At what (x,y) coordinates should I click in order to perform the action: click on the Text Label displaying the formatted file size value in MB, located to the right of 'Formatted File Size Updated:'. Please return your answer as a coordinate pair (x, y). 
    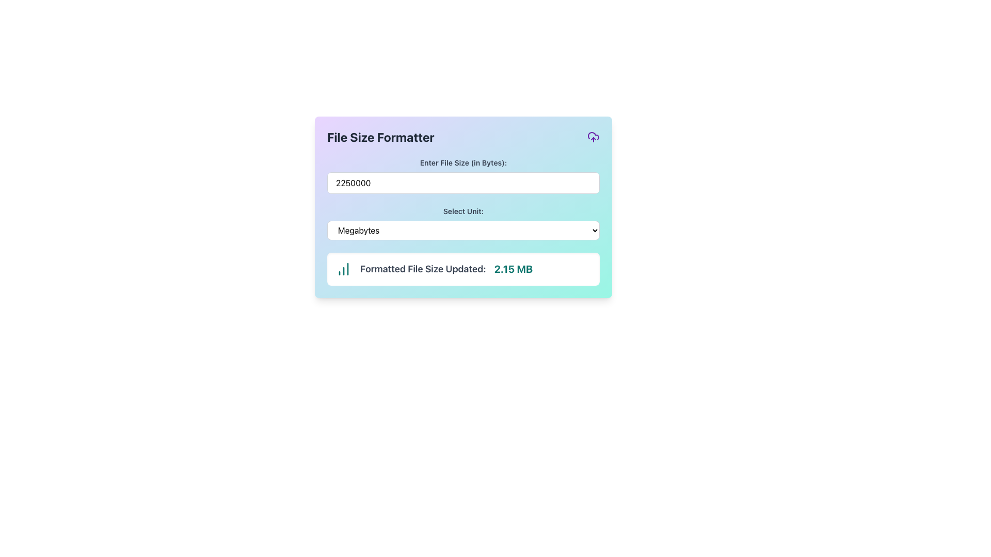
    Looking at the image, I should click on (513, 268).